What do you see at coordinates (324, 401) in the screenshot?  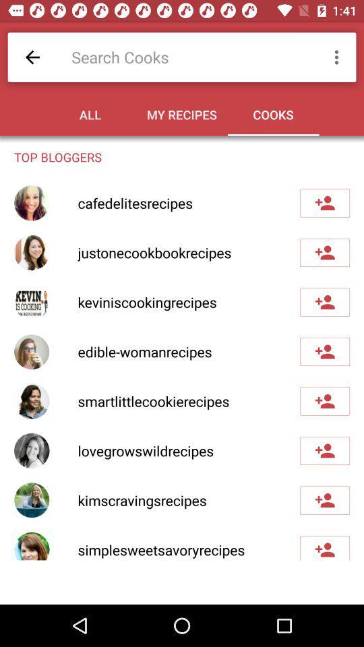 I see `blogger` at bounding box center [324, 401].